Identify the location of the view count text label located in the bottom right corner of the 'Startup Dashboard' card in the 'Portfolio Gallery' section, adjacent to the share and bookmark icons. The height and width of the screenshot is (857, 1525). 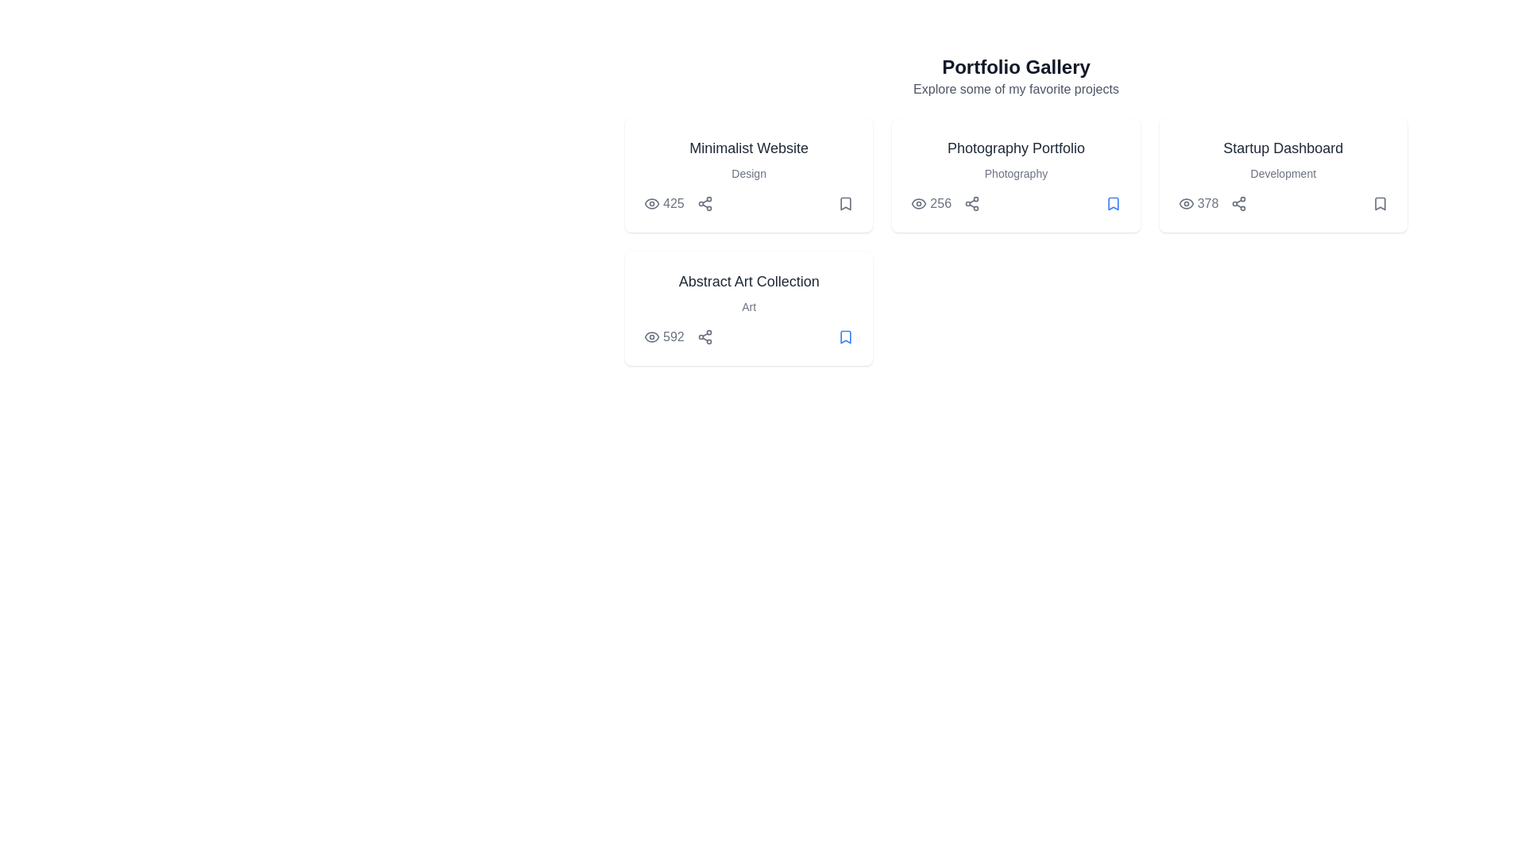
(1198, 203).